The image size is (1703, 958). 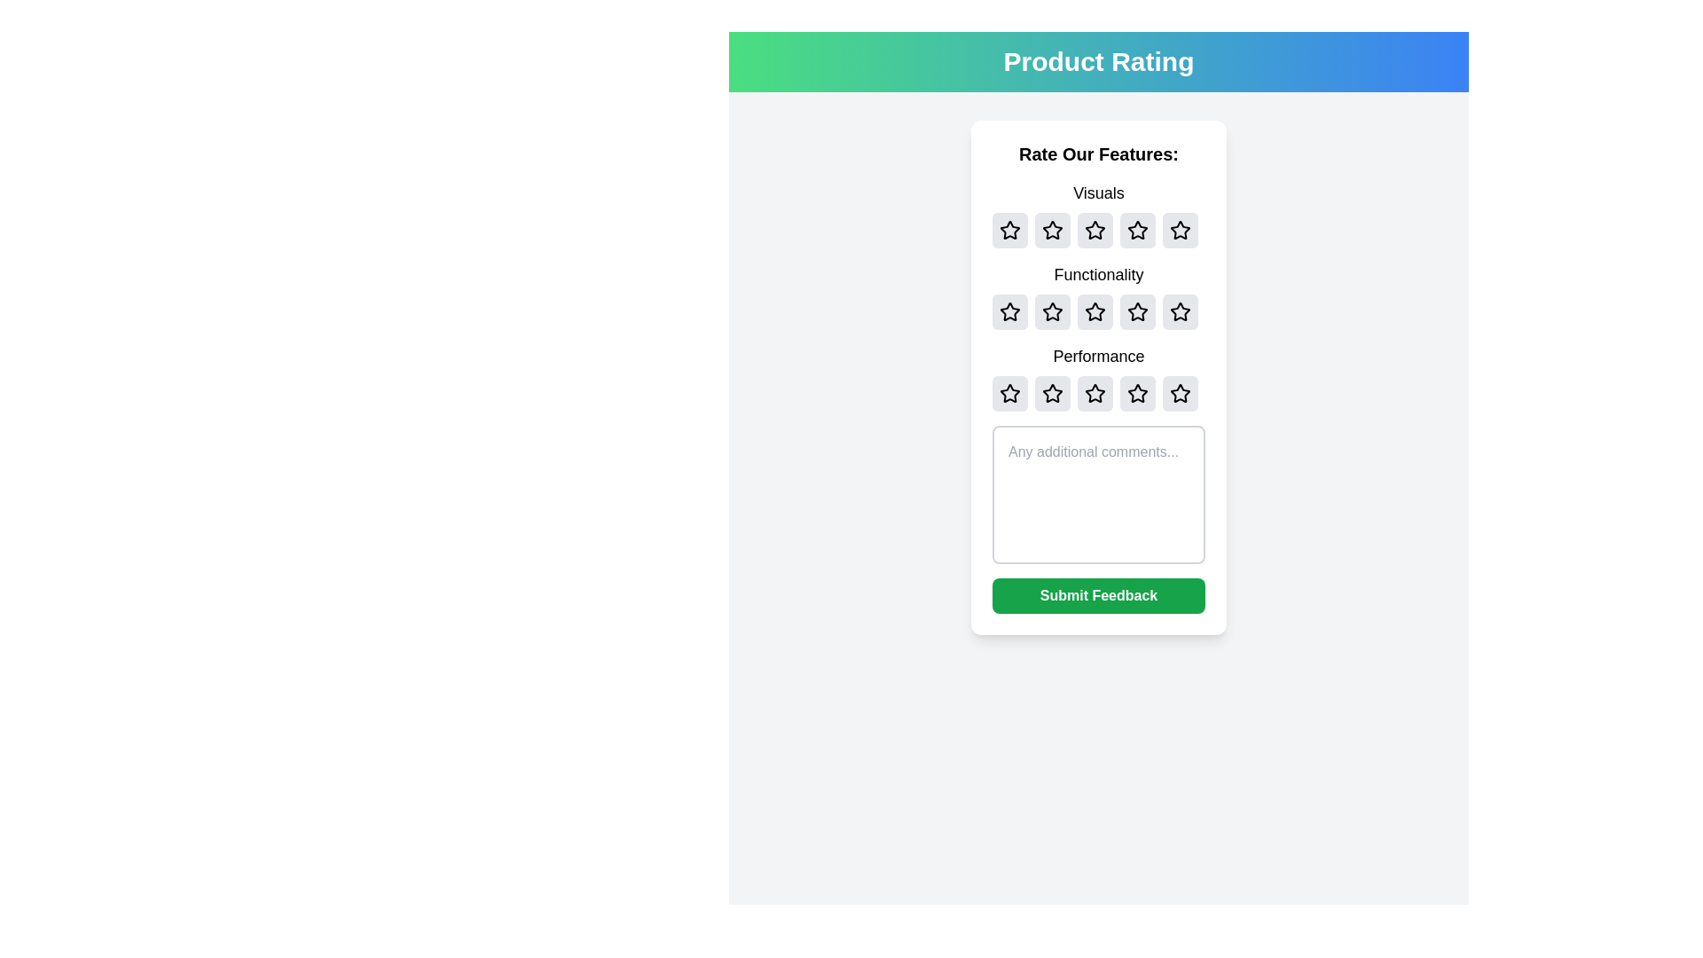 I want to click on the third star in the 'Functionality' rating section to give it a rating, so click(x=1094, y=310).